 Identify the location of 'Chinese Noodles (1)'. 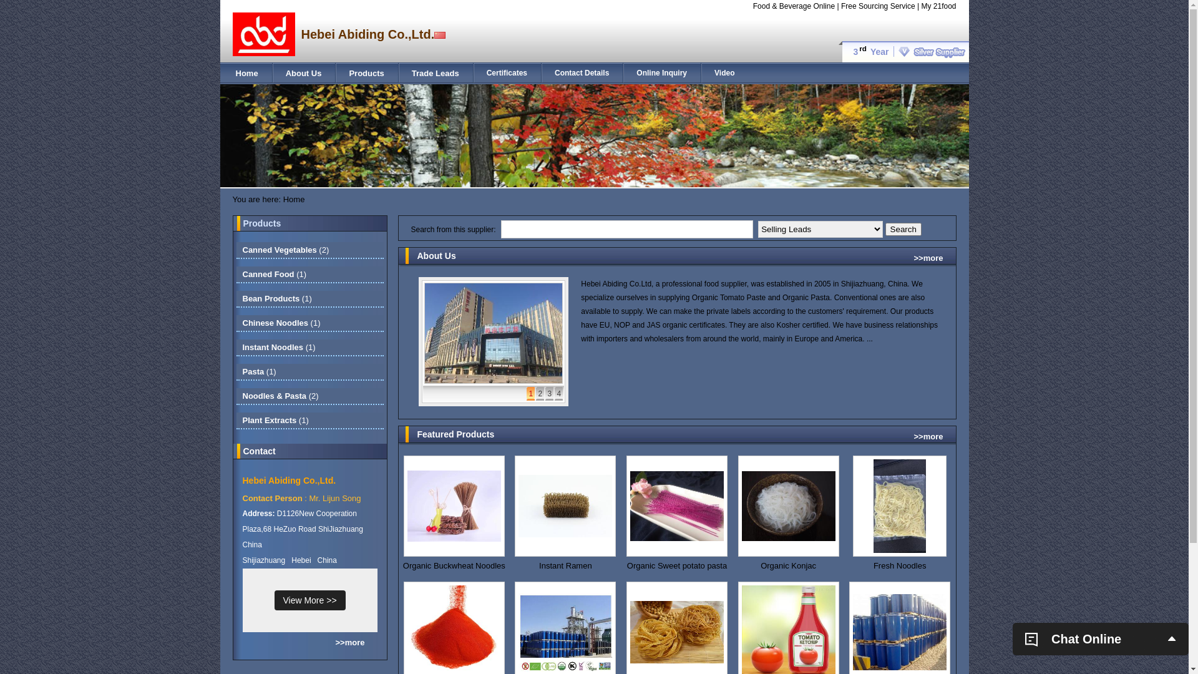
(242, 322).